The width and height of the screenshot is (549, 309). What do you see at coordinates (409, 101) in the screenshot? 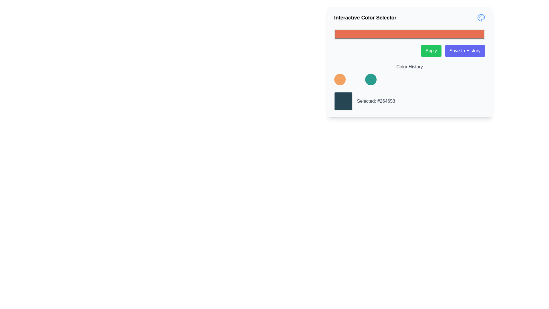
I see `the dark cyan color swatch within the Composite element labeled 'Selected: #264653'` at bounding box center [409, 101].